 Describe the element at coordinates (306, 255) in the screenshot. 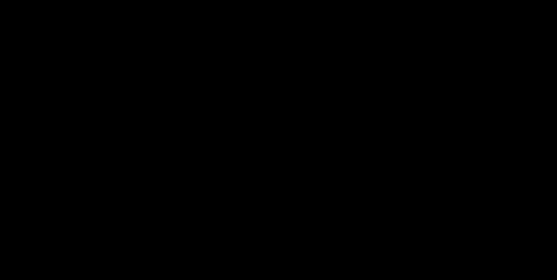

I see `'|  Website by'` at that location.